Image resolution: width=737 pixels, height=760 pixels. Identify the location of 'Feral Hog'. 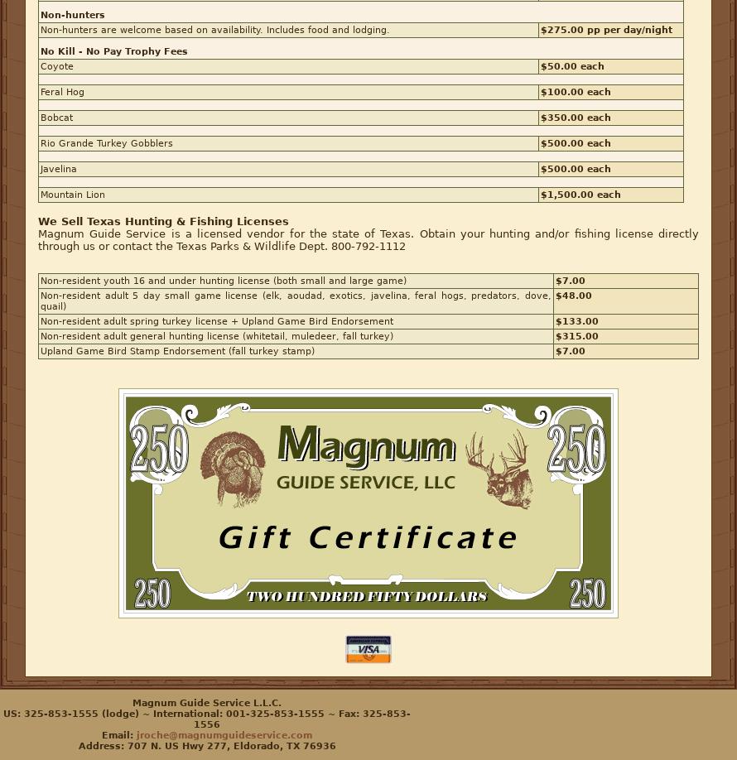
(61, 91).